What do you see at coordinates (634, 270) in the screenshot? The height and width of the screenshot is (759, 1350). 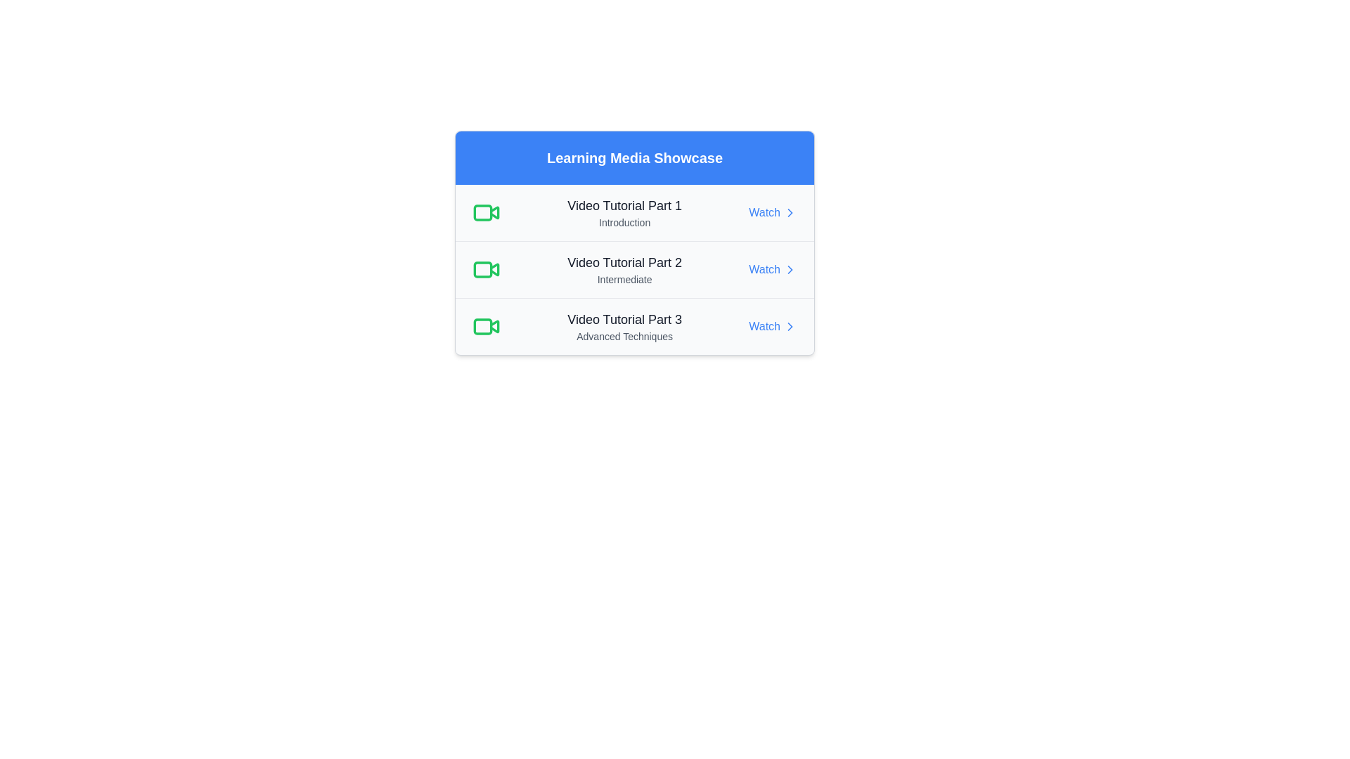 I see `text content of the second entry in the vertically stacked list of video tutorial links, which features a green video icon, a bolded title, and a blue 'Watch' link` at bounding box center [634, 270].